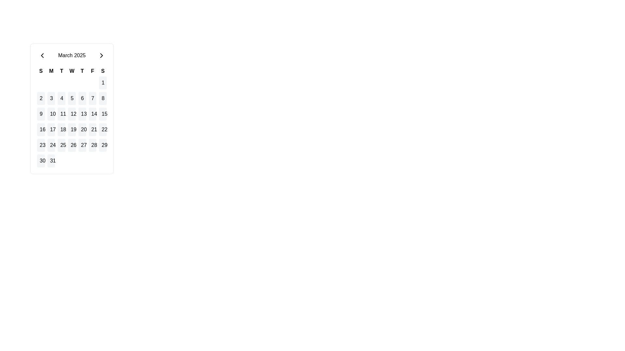 The width and height of the screenshot is (625, 351). Describe the element at coordinates (51, 129) in the screenshot. I see `the button representing the date '17', which has a light gray background and rounded corners` at that location.